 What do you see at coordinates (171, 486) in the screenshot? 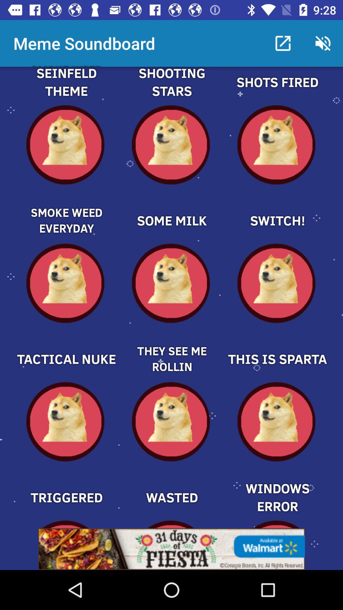
I see `choose wasted` at bounding box center [171, 486].